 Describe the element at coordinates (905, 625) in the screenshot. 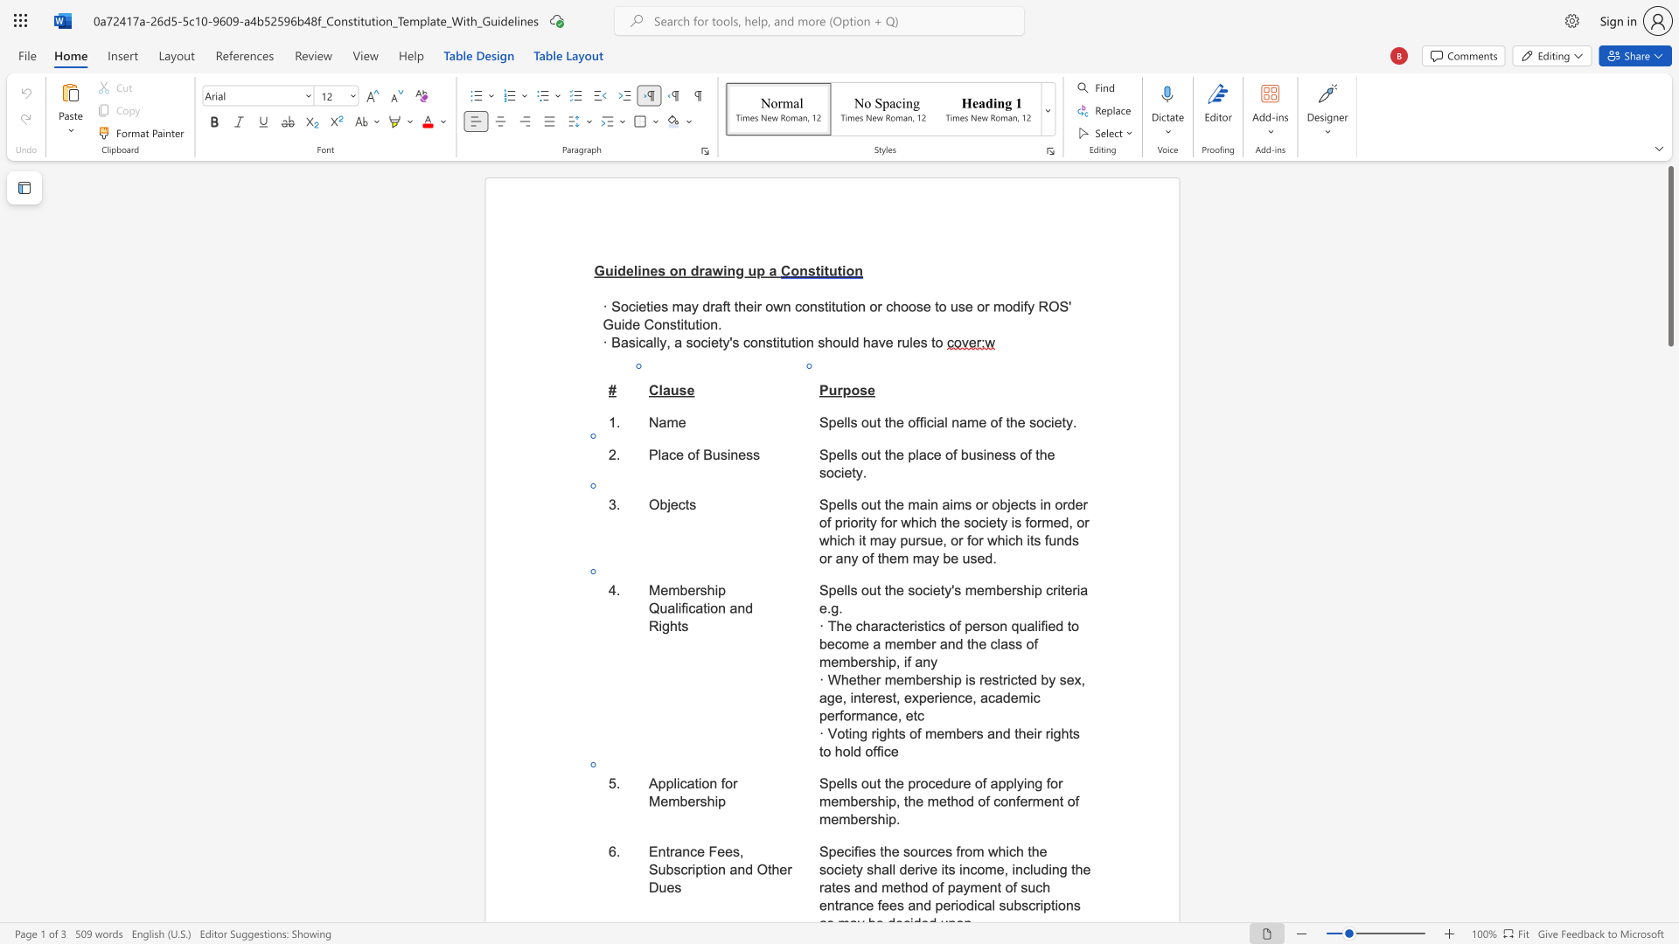

I see `the 2th character "e" in the text` at that location.